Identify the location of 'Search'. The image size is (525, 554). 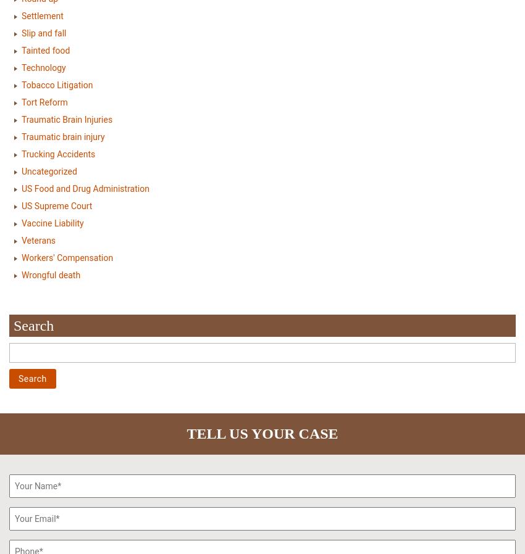
(13, 325).